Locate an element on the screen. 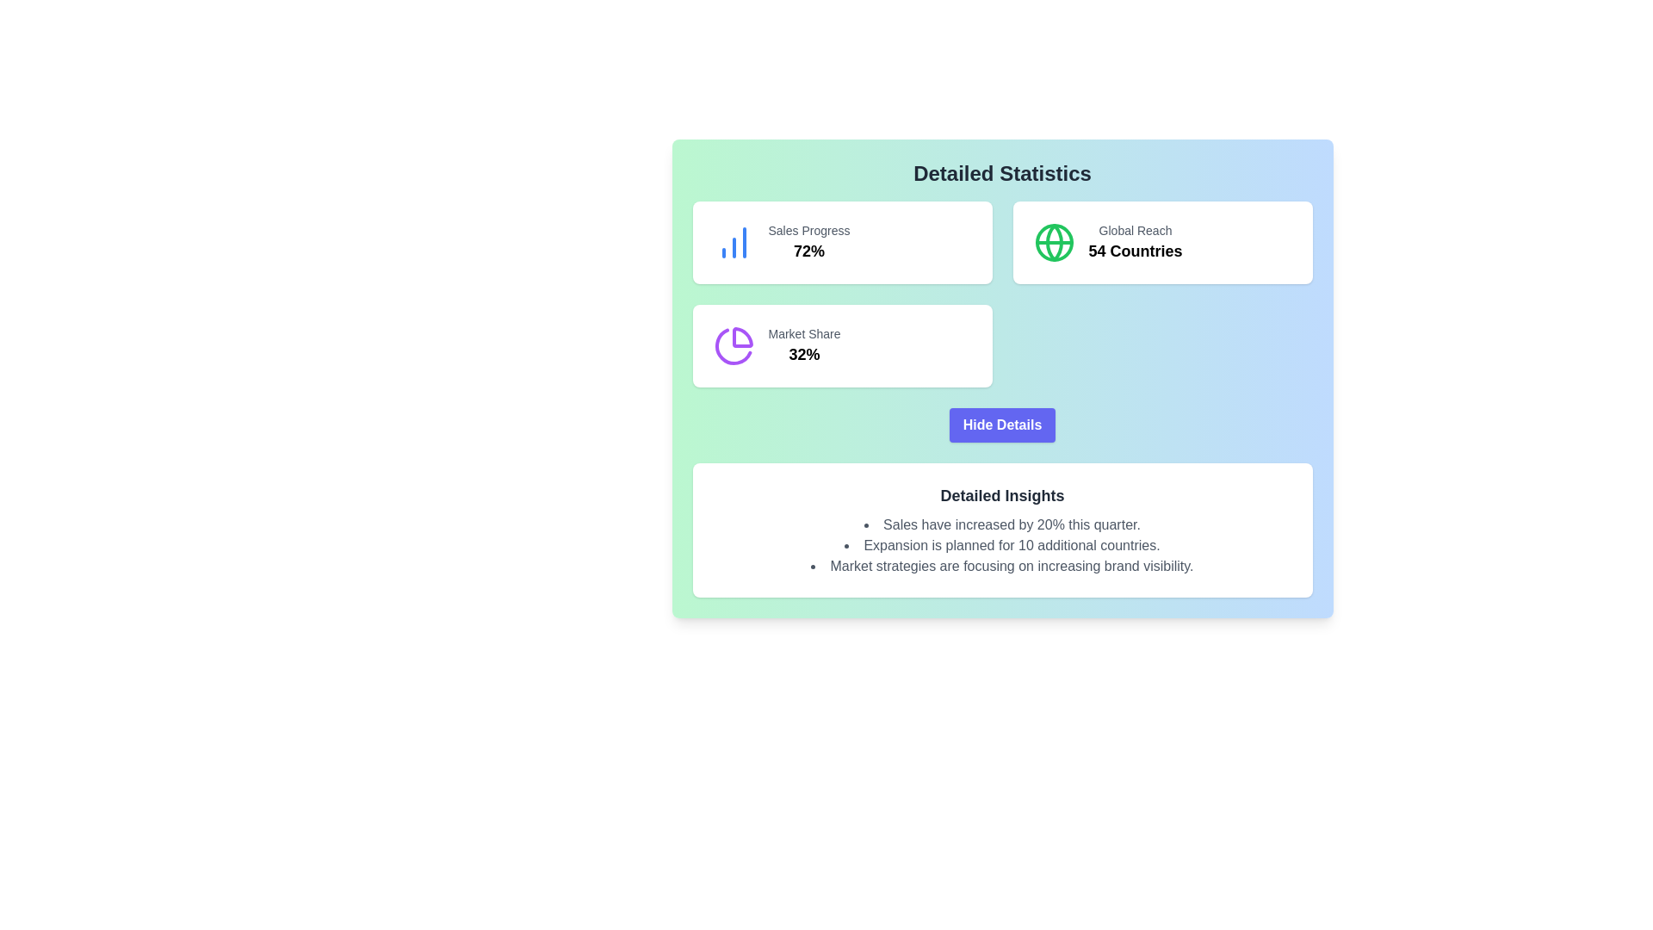 The height and width of the screenshot is (930, 1653). the green circular SVG element that is the innermost circle within the globe icon in the 'Detailed Statistics' panel, next to the text 'Global Reach - 54 Countries' is located at coordinates (1053, 242).